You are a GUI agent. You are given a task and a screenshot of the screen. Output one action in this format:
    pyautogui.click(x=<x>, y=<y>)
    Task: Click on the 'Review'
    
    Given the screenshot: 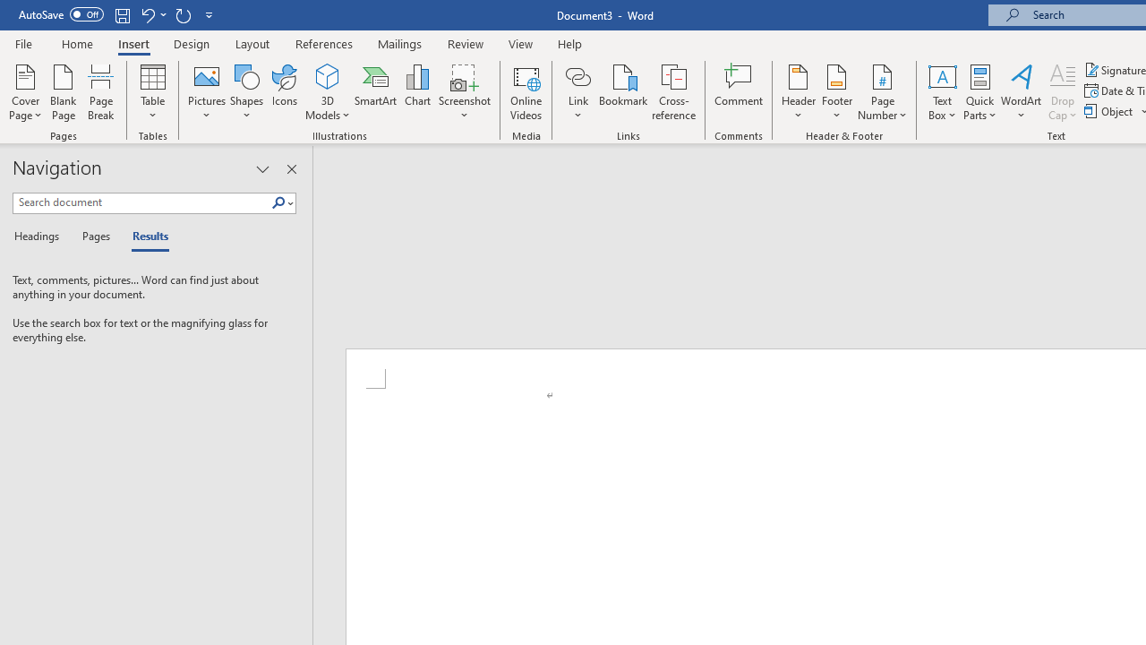 What is the action you would take?
    pyautogui.click(x=466, y=43)
    